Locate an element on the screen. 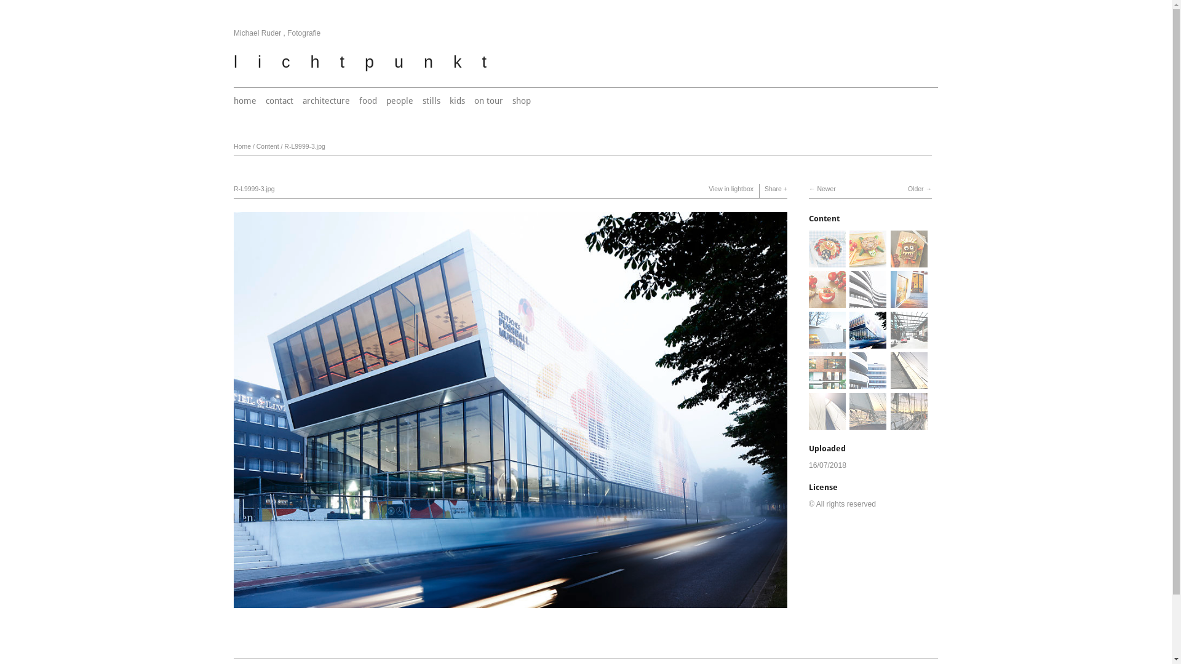 The image size is (1181, 664). 'kids' is located at coordinates (456, 100).